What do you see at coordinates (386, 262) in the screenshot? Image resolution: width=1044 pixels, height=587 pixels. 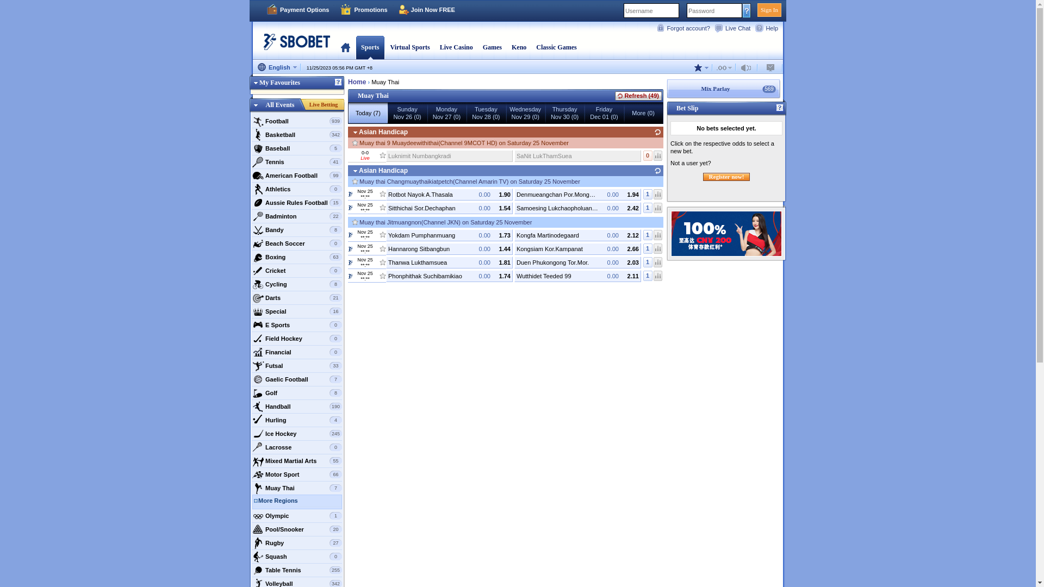 I see `'1.81` at bounding box center [386, 262].